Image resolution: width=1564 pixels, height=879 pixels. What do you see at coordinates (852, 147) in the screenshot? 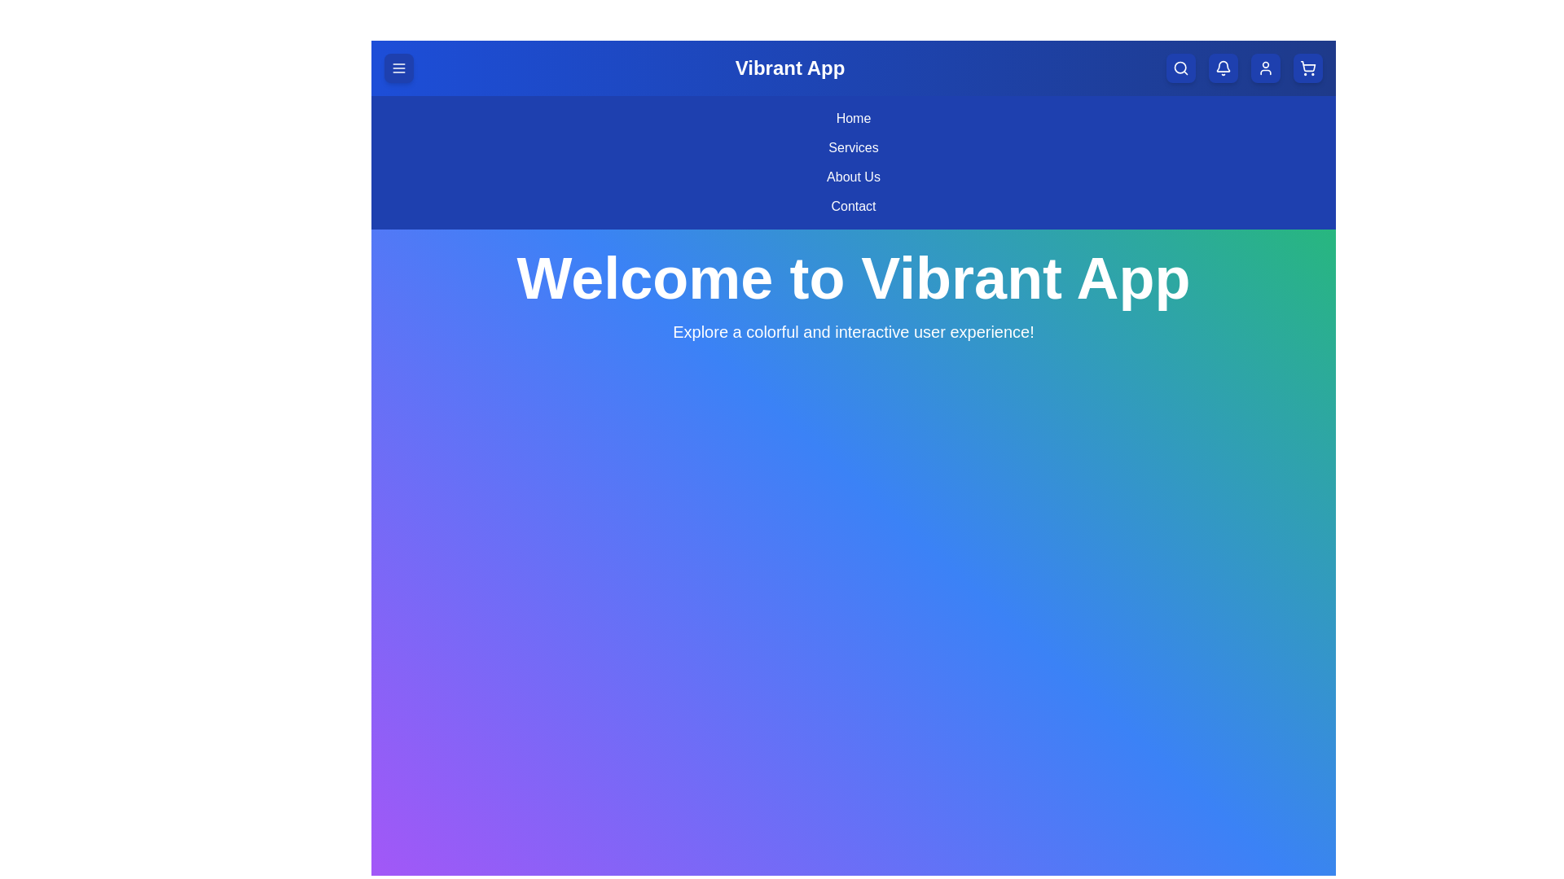
I see `the navigation menu item Services` at bounding box center [852, 147].